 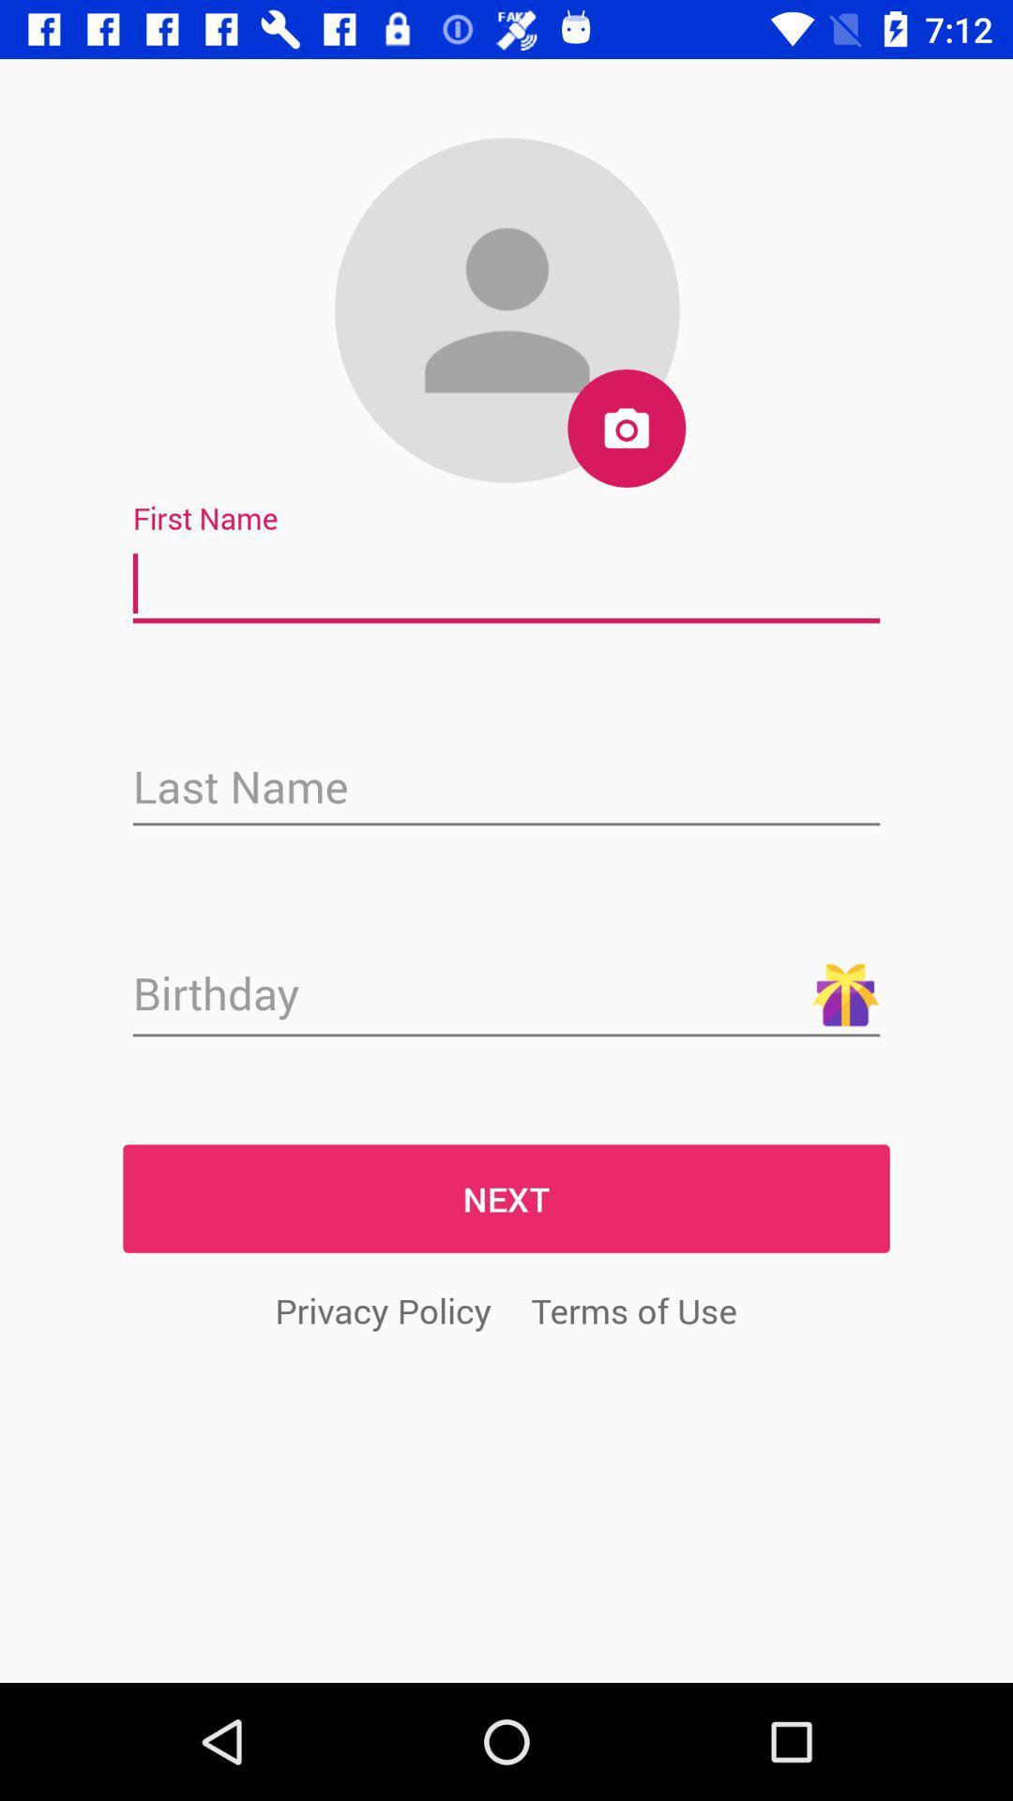 I want to click on write a word, so click(x=506, y=583).